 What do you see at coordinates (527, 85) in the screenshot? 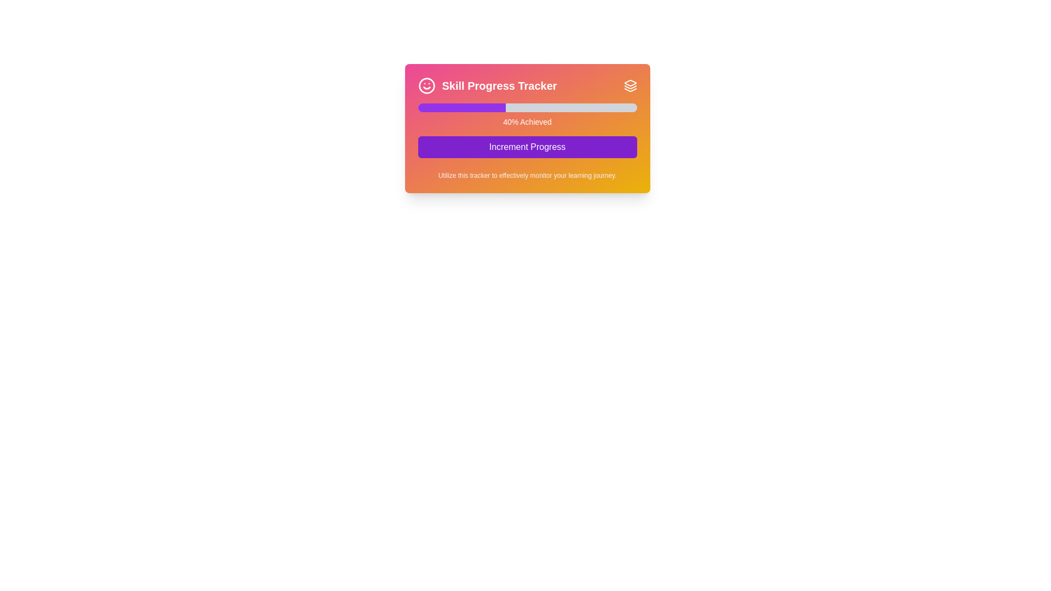
I see `title 'Skill Progress Tracker' from the Header section, which features a gradient background from pink to yellow and includes icons on either side` at bounding box center [527, 85].